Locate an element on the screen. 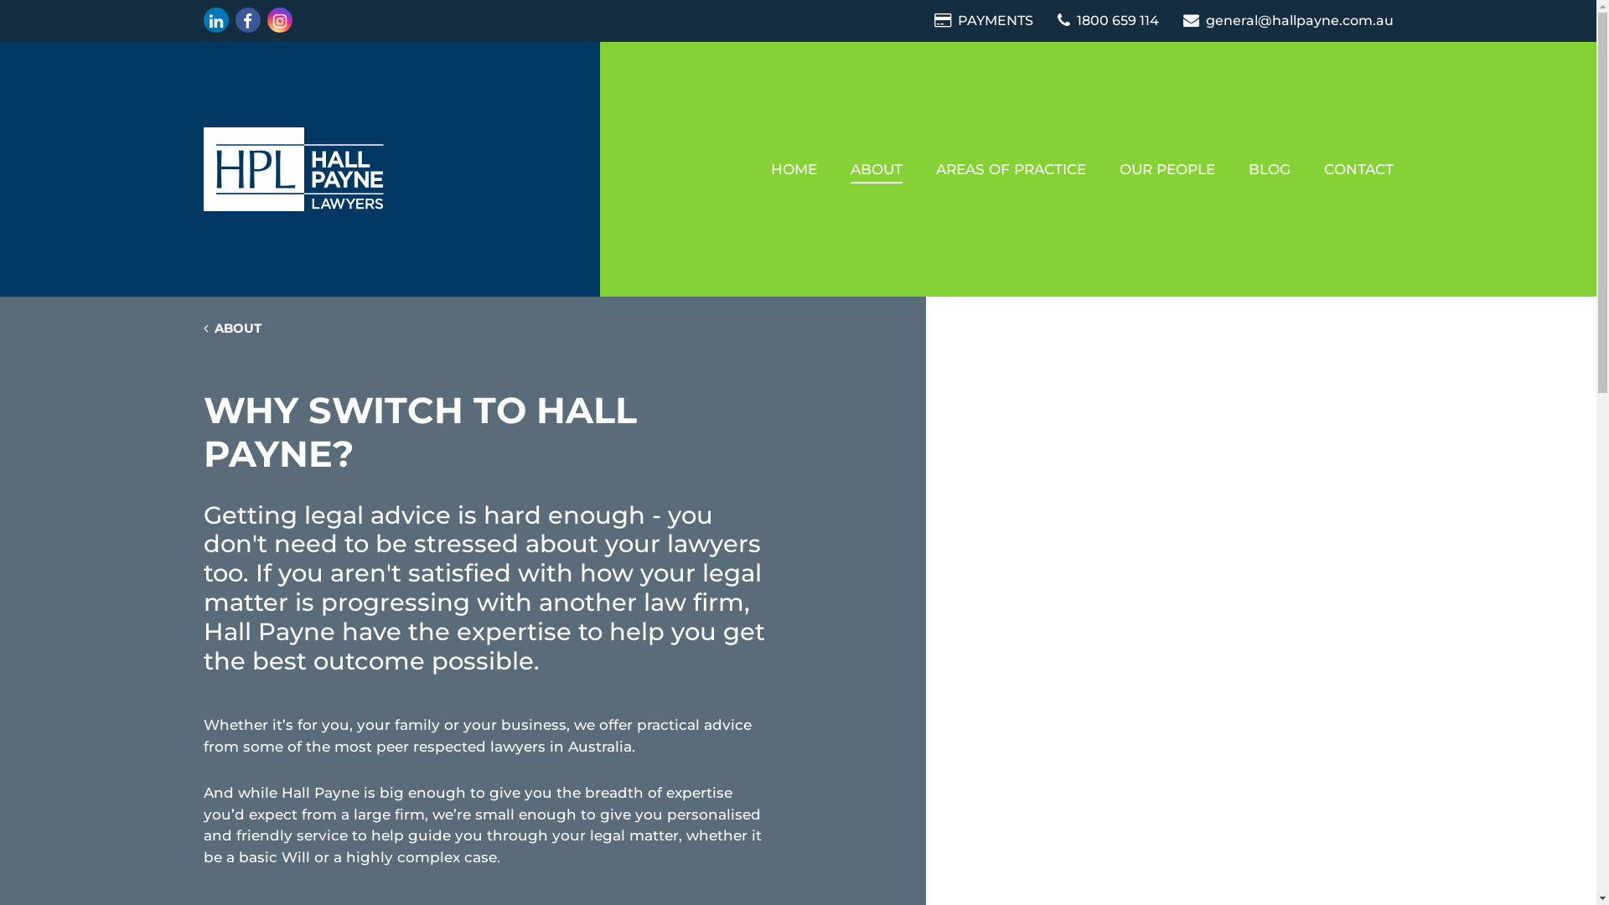  '  general@hallpayne.com.au' is located at coordinates (1182, 20).